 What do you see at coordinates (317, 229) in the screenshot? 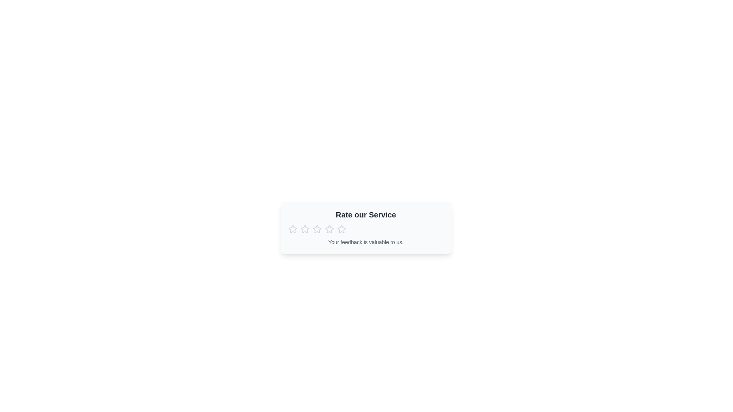
I see `the third star icon in the five-star rating widget` at bounding box center [317, 229].